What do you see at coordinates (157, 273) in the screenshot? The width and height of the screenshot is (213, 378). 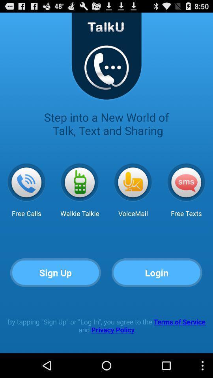 I see `button at the bottom right corner` at bounding box center [157, 273].